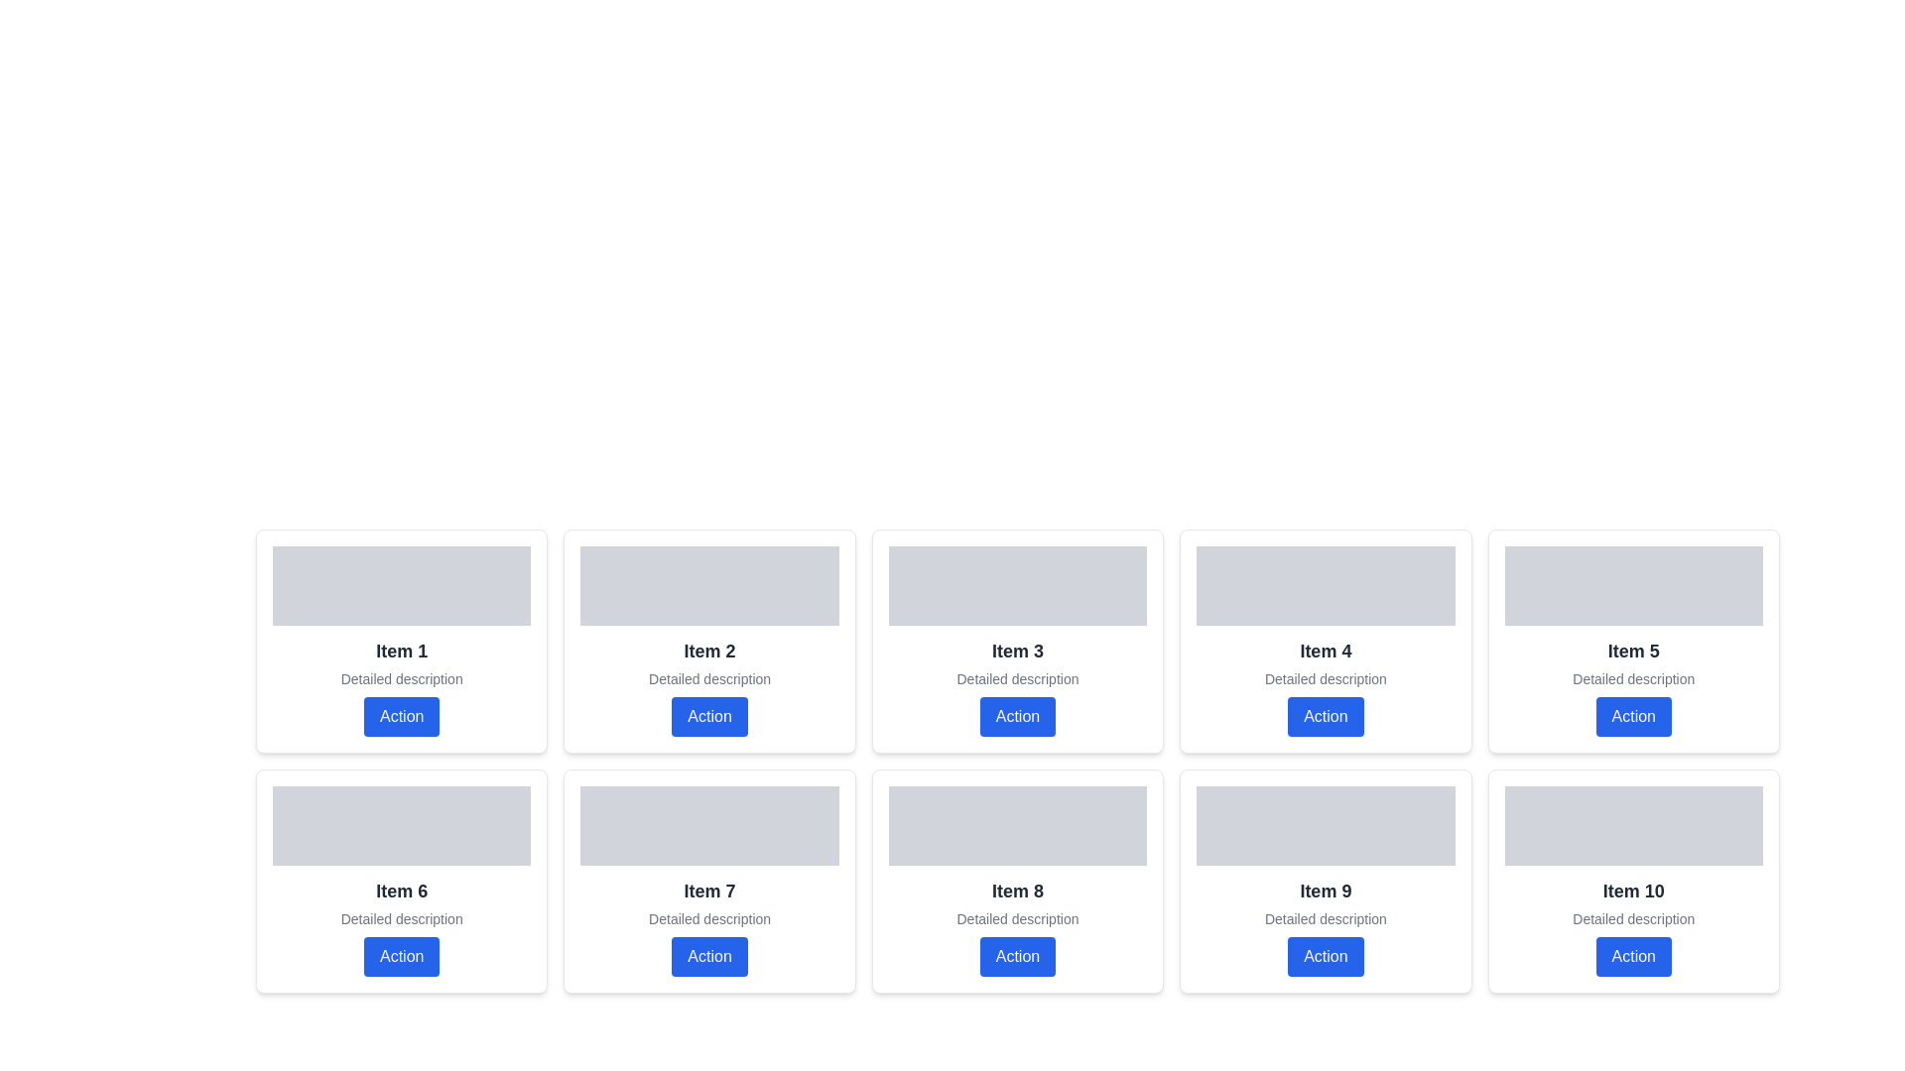 Image resolution: width=1905 pixels, height=1071 pixels. What do you see at coordinates (401, 918) in the screenshot?
I see `the text label displaying 'Detailed description' located below the 'Item 6' title and above the blue-button labeled 'Action'` at bounding box center [401, 918].